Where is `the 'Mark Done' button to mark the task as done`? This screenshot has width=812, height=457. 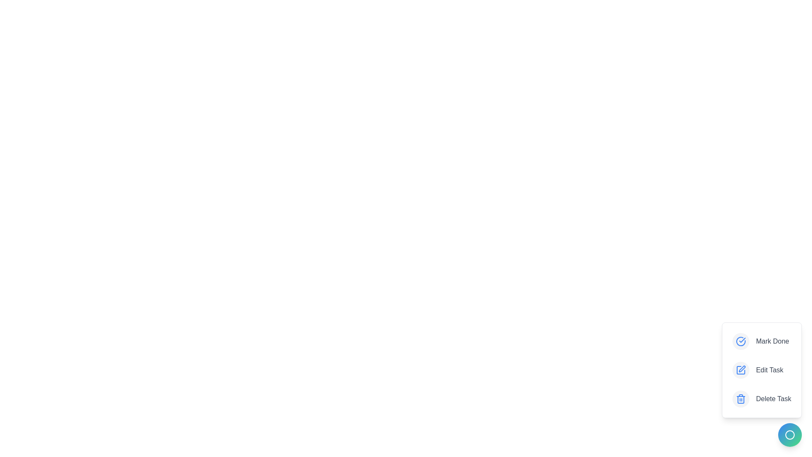
the 'Mark Done' button to mark the task as done is located at coordinates (761, 341).